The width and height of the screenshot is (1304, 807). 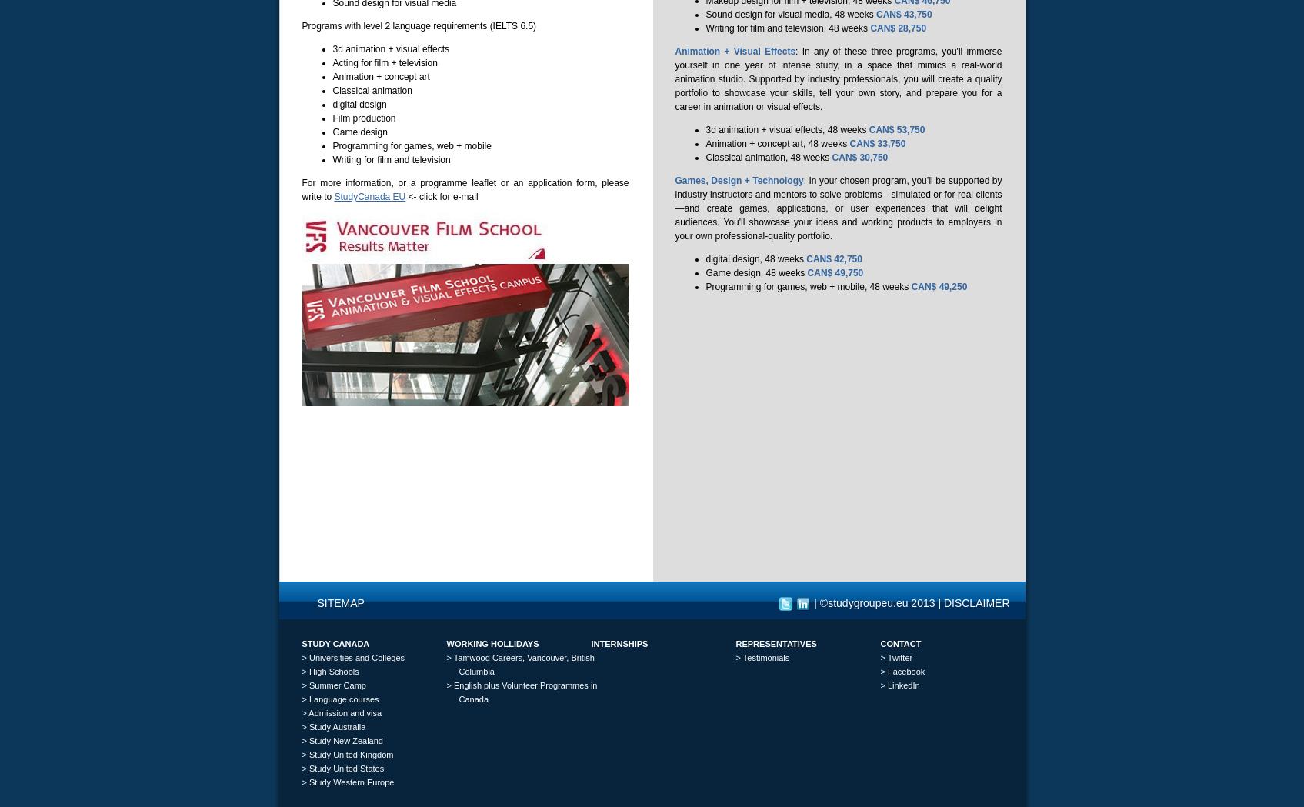 What do you see at coordinates (768, 157) in the screenshot?
I see `'Classical animation, 48 weeks'` at bounding box center [768, 157].